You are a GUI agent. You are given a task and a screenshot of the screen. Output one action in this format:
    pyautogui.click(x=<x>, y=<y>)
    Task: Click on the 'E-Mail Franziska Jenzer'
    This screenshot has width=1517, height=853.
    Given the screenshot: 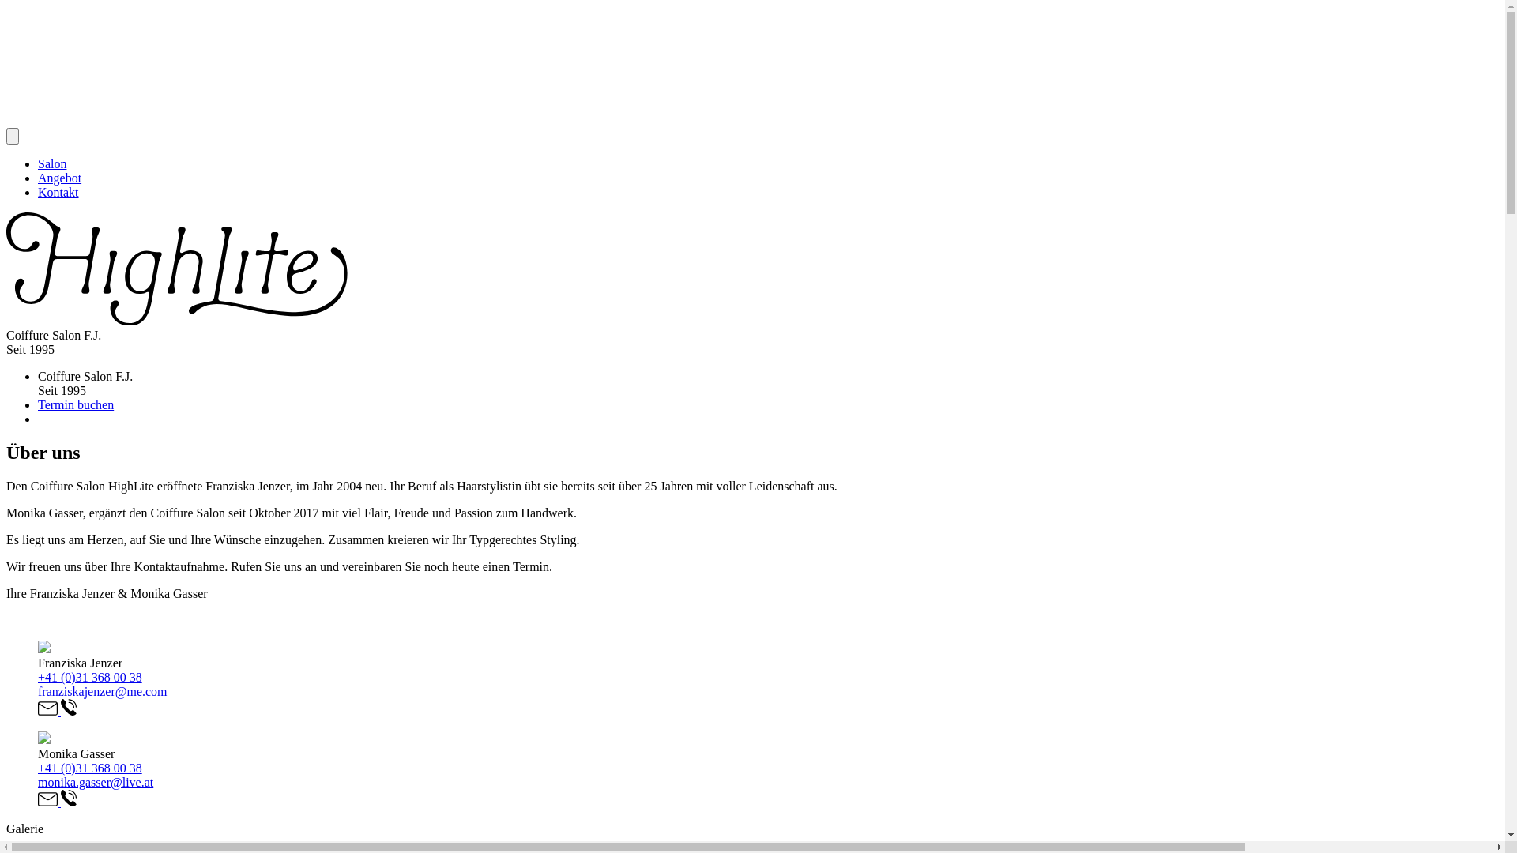 What is the action you would take?
    pyautogui.click(x=49, y=711)
    